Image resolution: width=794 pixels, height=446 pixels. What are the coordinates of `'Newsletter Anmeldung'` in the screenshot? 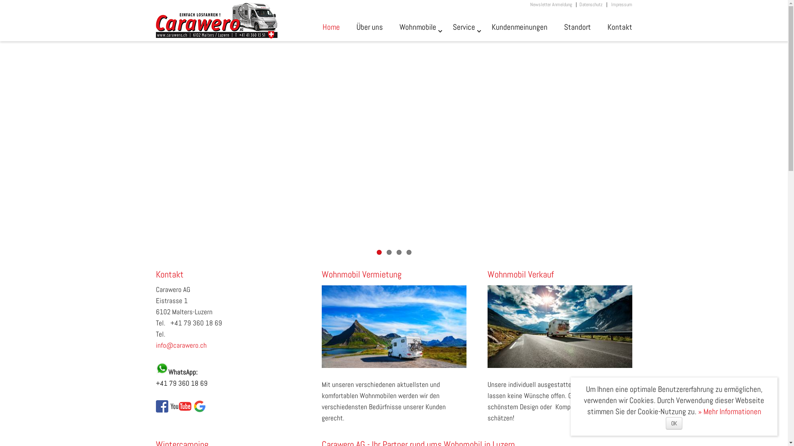 It's located at (530, 5).